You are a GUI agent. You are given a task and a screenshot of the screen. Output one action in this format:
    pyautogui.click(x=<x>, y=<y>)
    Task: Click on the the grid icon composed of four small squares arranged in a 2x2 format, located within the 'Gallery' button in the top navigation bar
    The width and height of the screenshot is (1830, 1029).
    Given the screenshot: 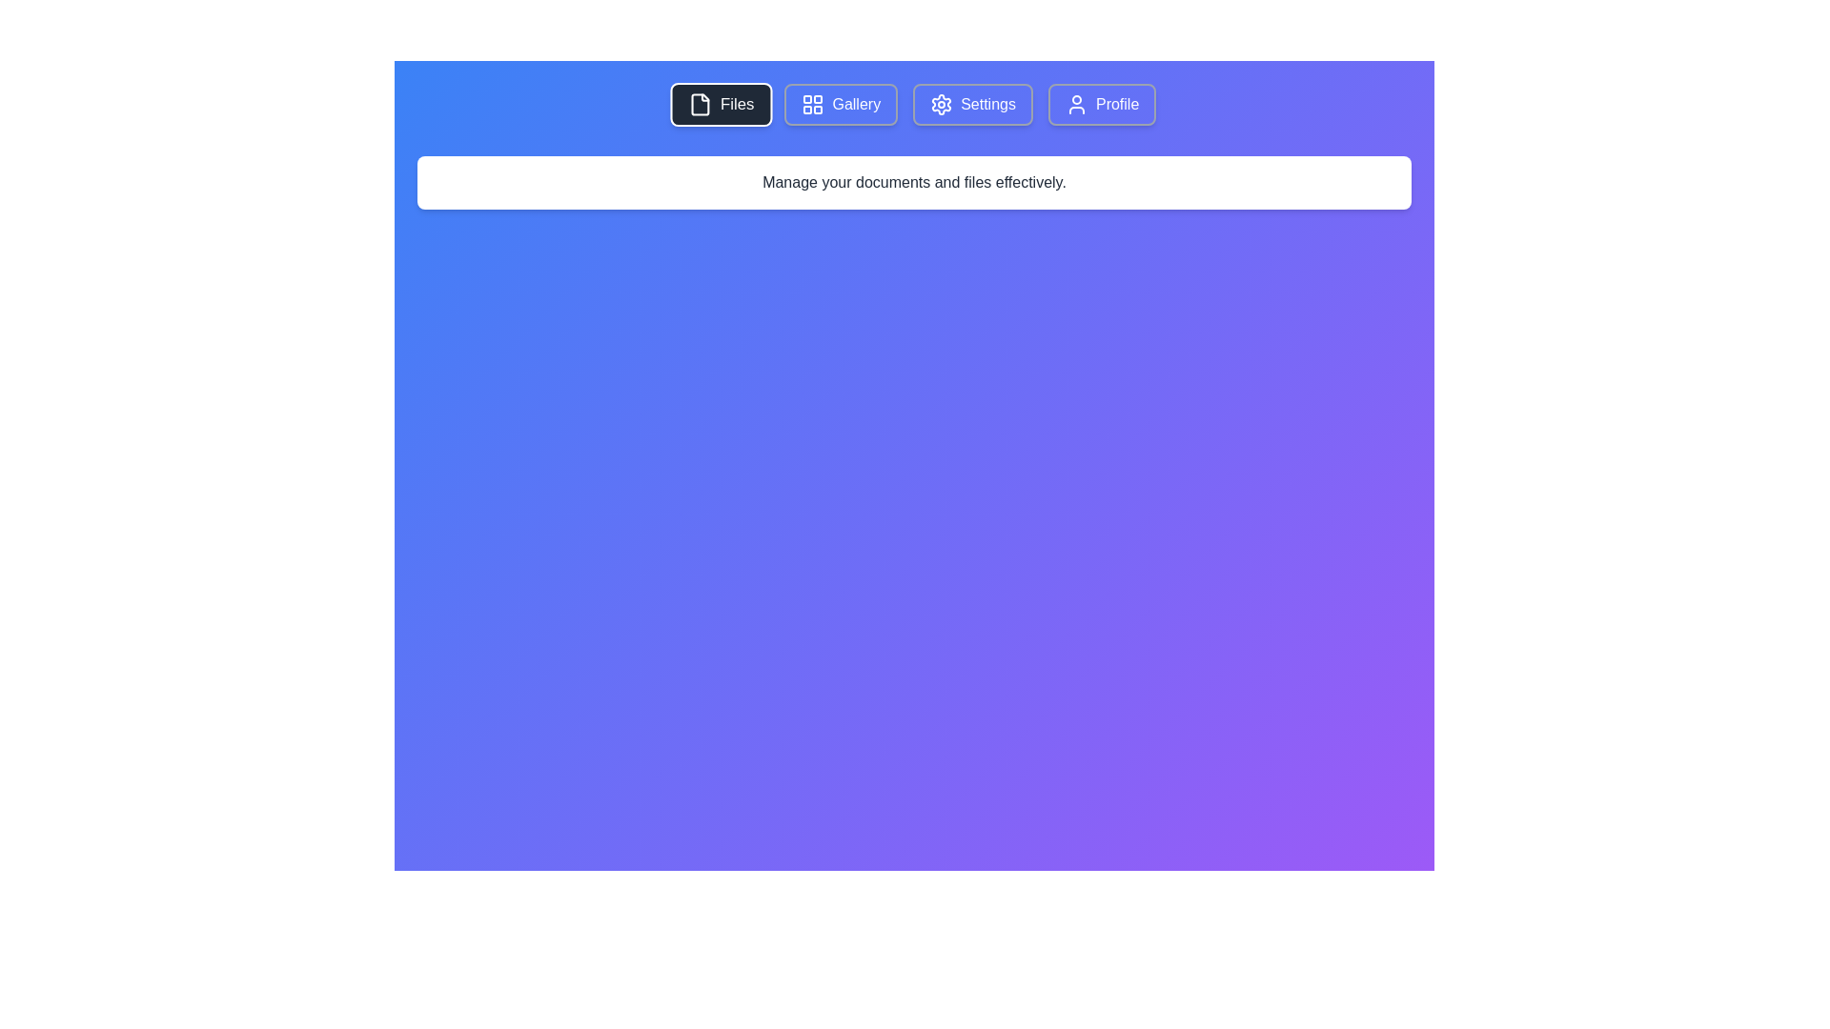 What is the action you would take?
    pyautogui.click(x=813, y=105)
    